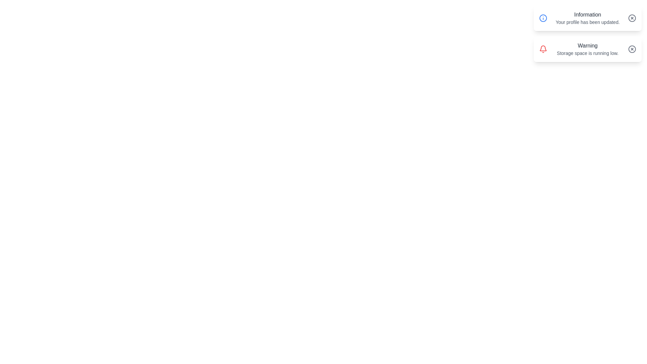  What do you see at coordinates (543, 48) in the screenshot?
I see `the notification bell icon located in the header section of the notification block, to the left of the warning title 'Warning: Storage space is running low.'` at bounding box center [543, 48].